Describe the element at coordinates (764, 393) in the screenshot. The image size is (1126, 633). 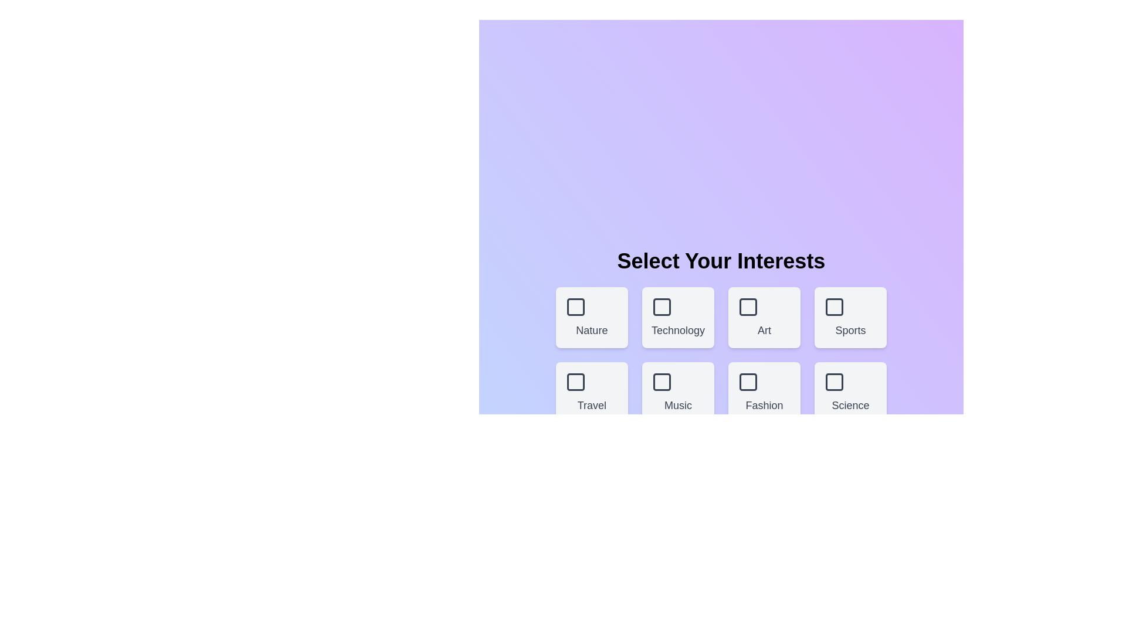
I see `the box corresponding to the theme Fashion to select or deselect it` at that location.